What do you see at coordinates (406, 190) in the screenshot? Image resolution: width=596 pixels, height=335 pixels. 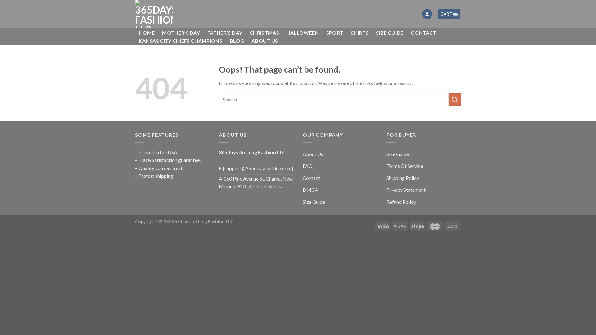 I see `'Privacy Statement'` at bounding box center [406, 190].